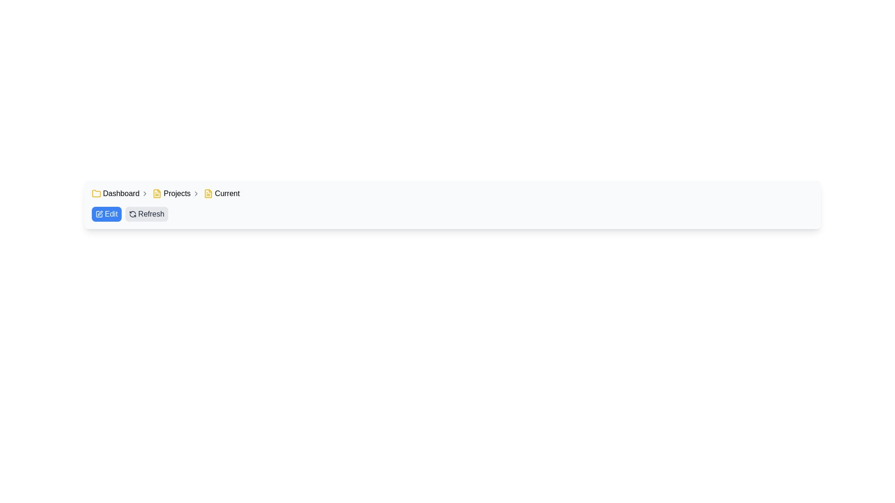  What do you see at coordinates (176, 193) in the screenshot?
I see `the 'Projects' breadcrumb navigation item, which is visually distinct with a yellow document icon and black text, located between 'Dashboard' and 'Current'` at bounding box center [176, 193].